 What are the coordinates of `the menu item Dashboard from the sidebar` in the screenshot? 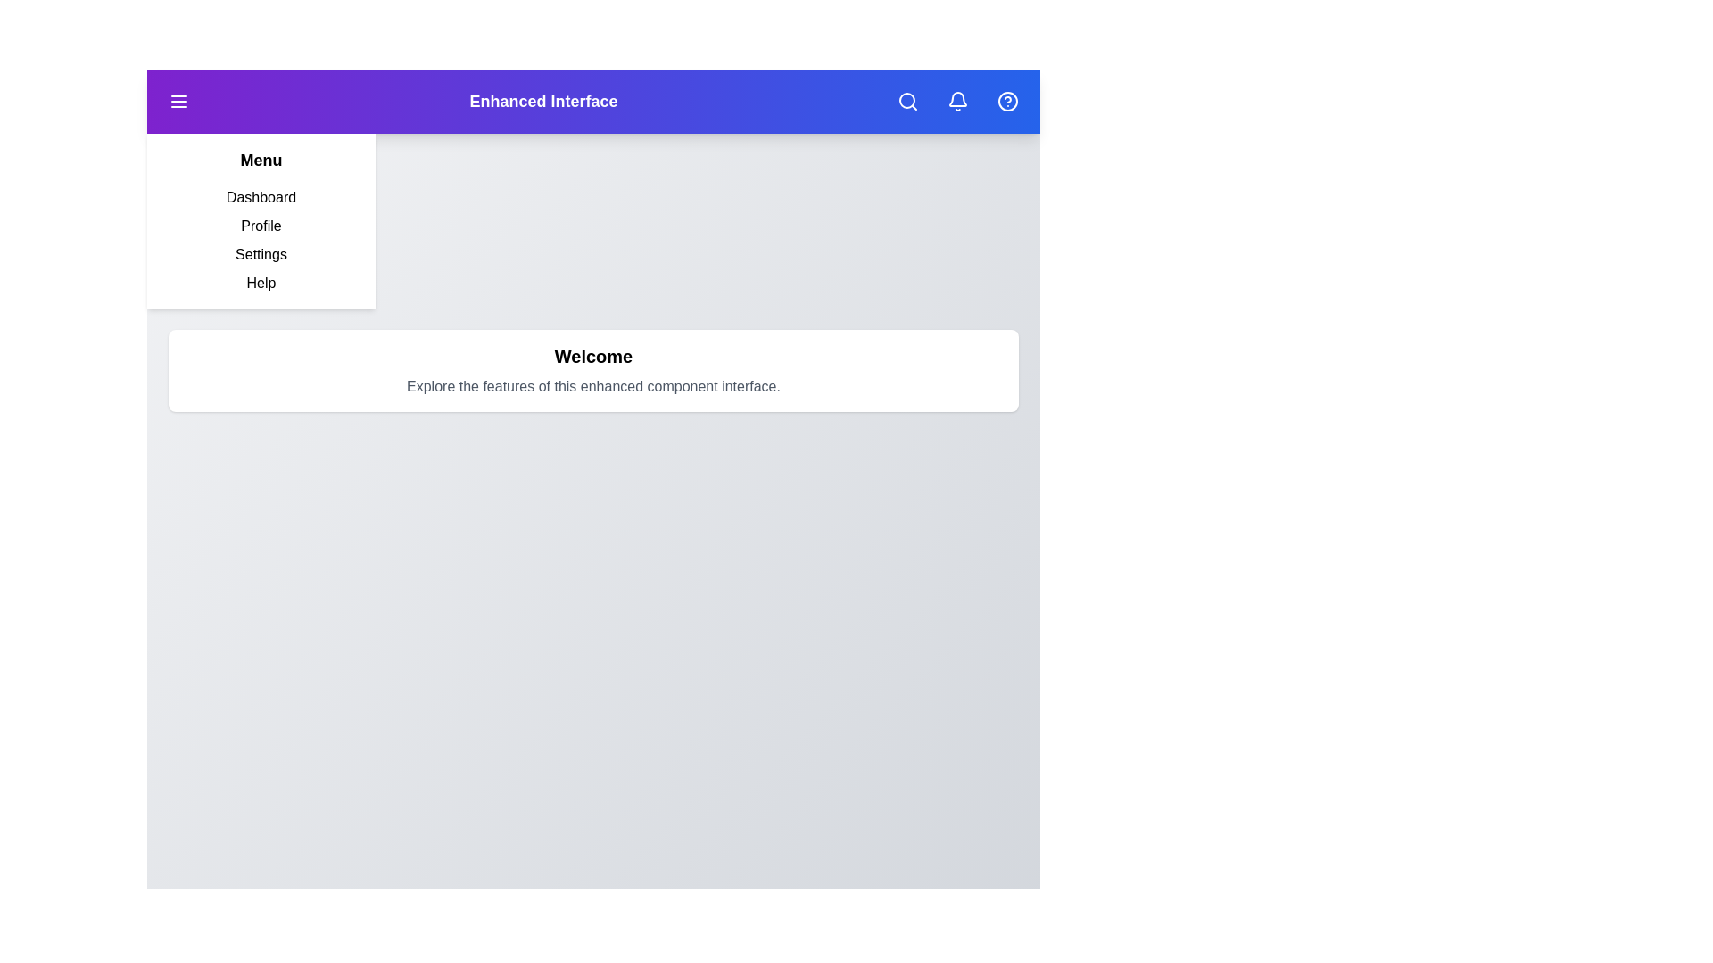 It's located at (260, 198).